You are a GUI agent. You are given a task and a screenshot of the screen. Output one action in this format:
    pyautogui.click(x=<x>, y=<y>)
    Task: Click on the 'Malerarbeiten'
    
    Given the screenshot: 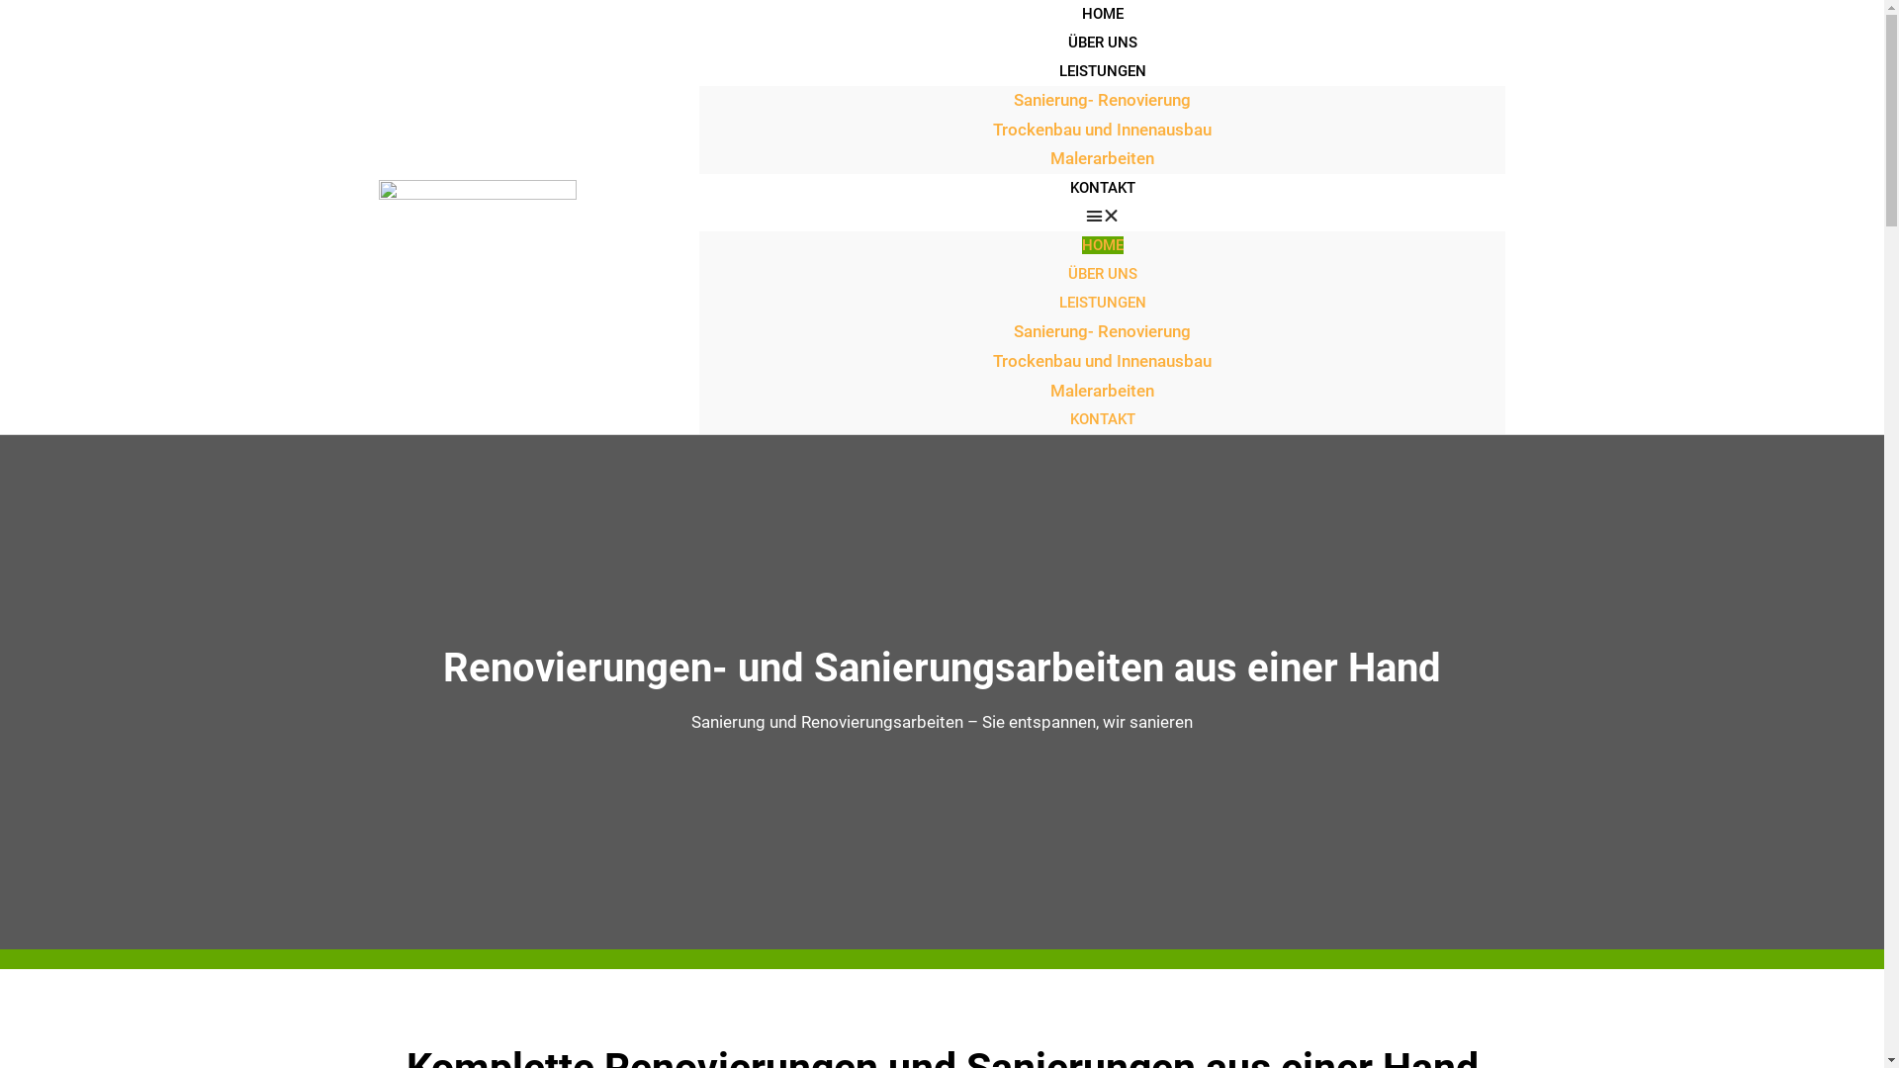 What is the action you would take?
    pyautogui.click(x=1048, y=390)
    